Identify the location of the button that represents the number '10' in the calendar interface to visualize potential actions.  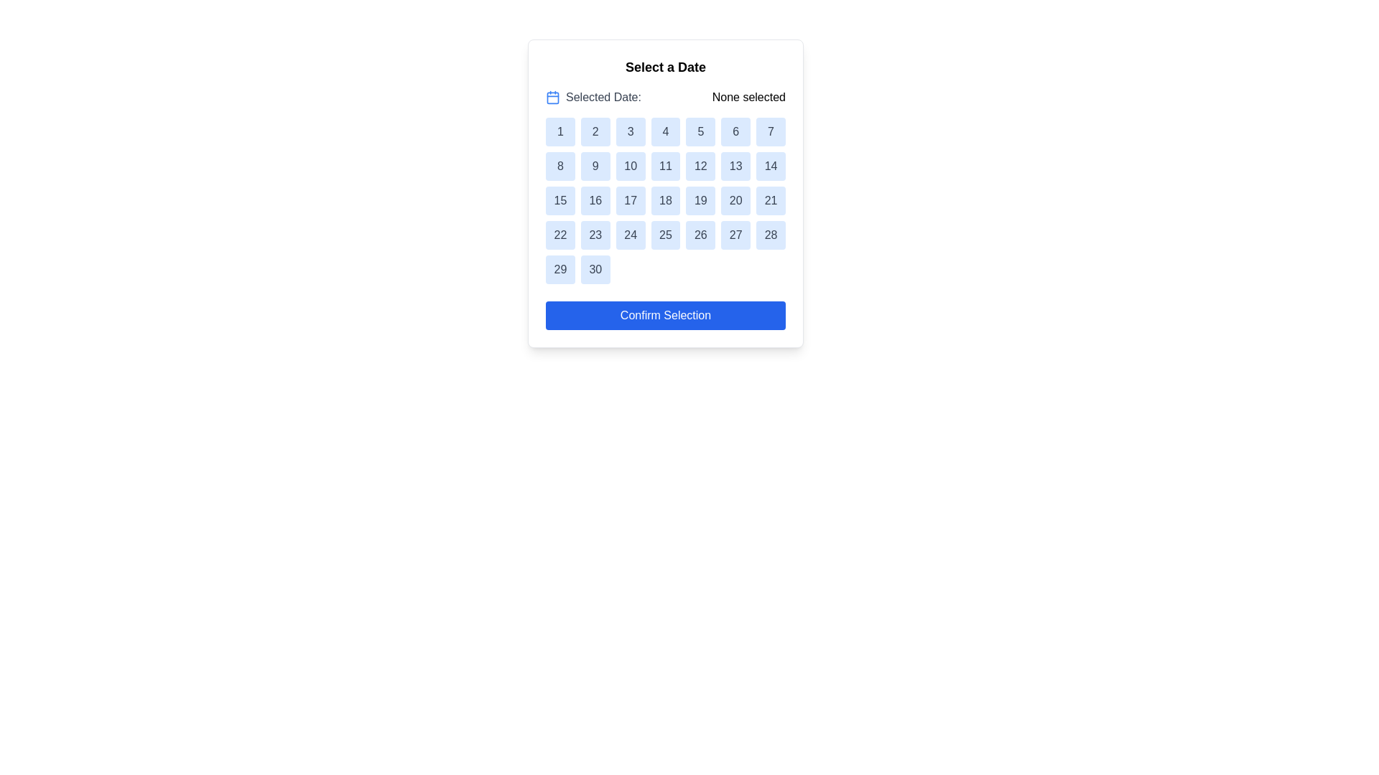
(631, 165).